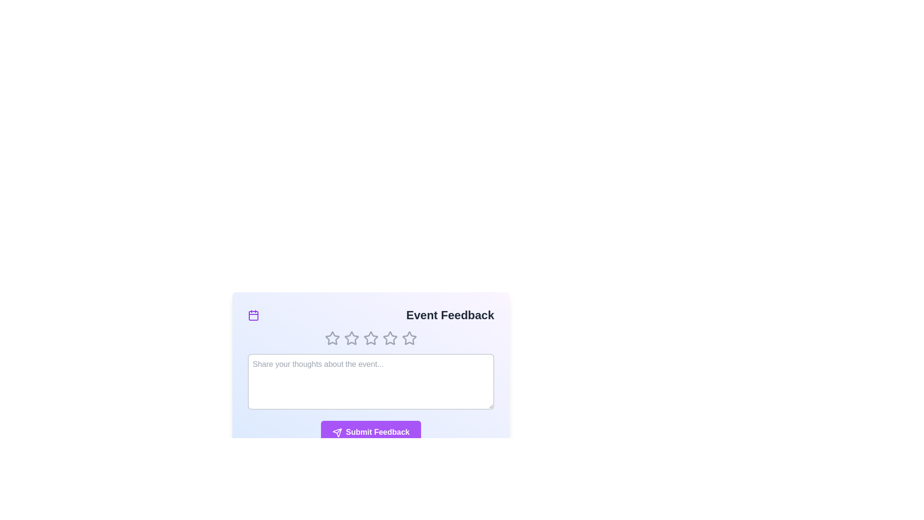 Image resolution: width=924 pixels, height=520 pixels. I want to click on the third star icon in the row of five rating stars, so click(371, 338).